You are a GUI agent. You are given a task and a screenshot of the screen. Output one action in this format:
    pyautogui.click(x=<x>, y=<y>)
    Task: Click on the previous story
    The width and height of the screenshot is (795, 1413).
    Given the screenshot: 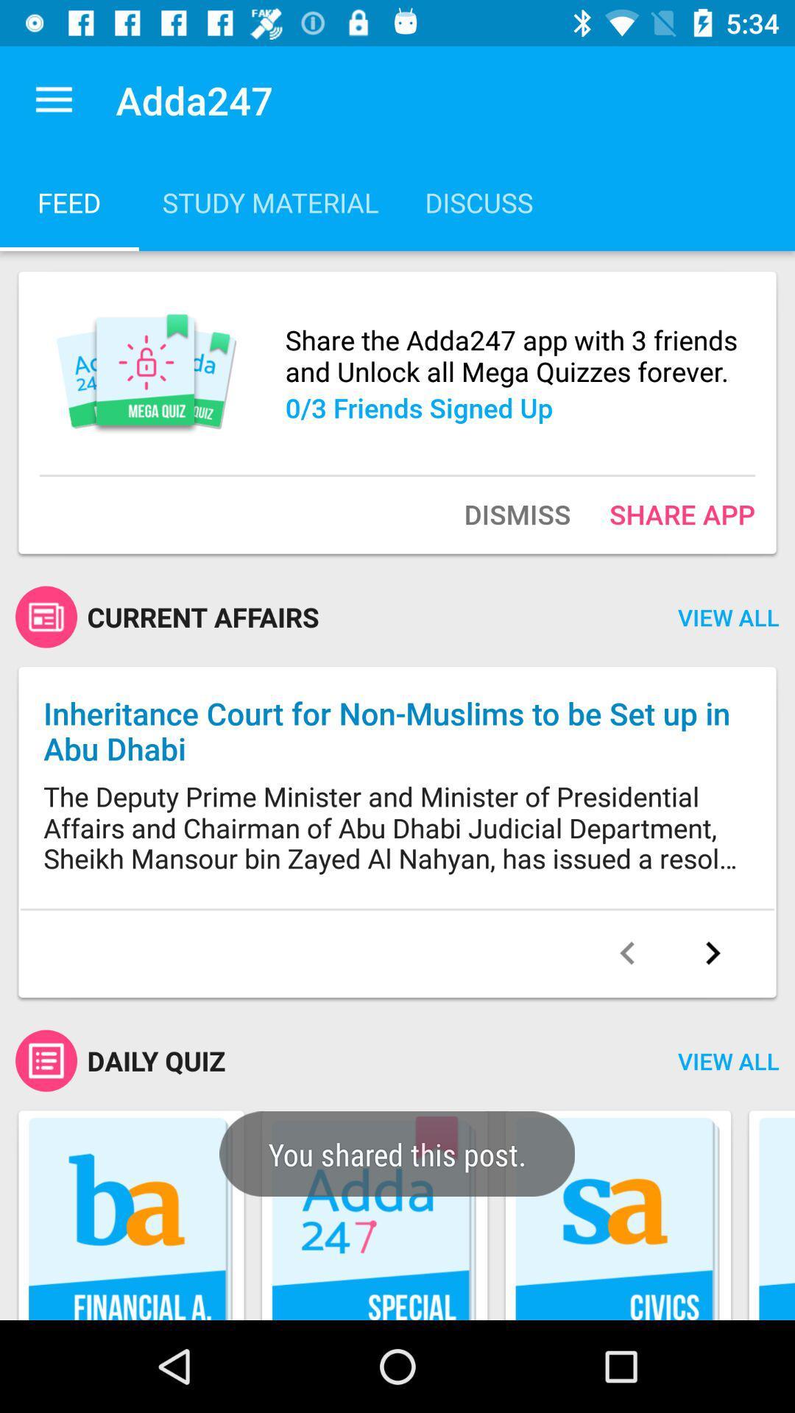 What is the action you would take?
    pyautogui.click(x=627, y=953)
    